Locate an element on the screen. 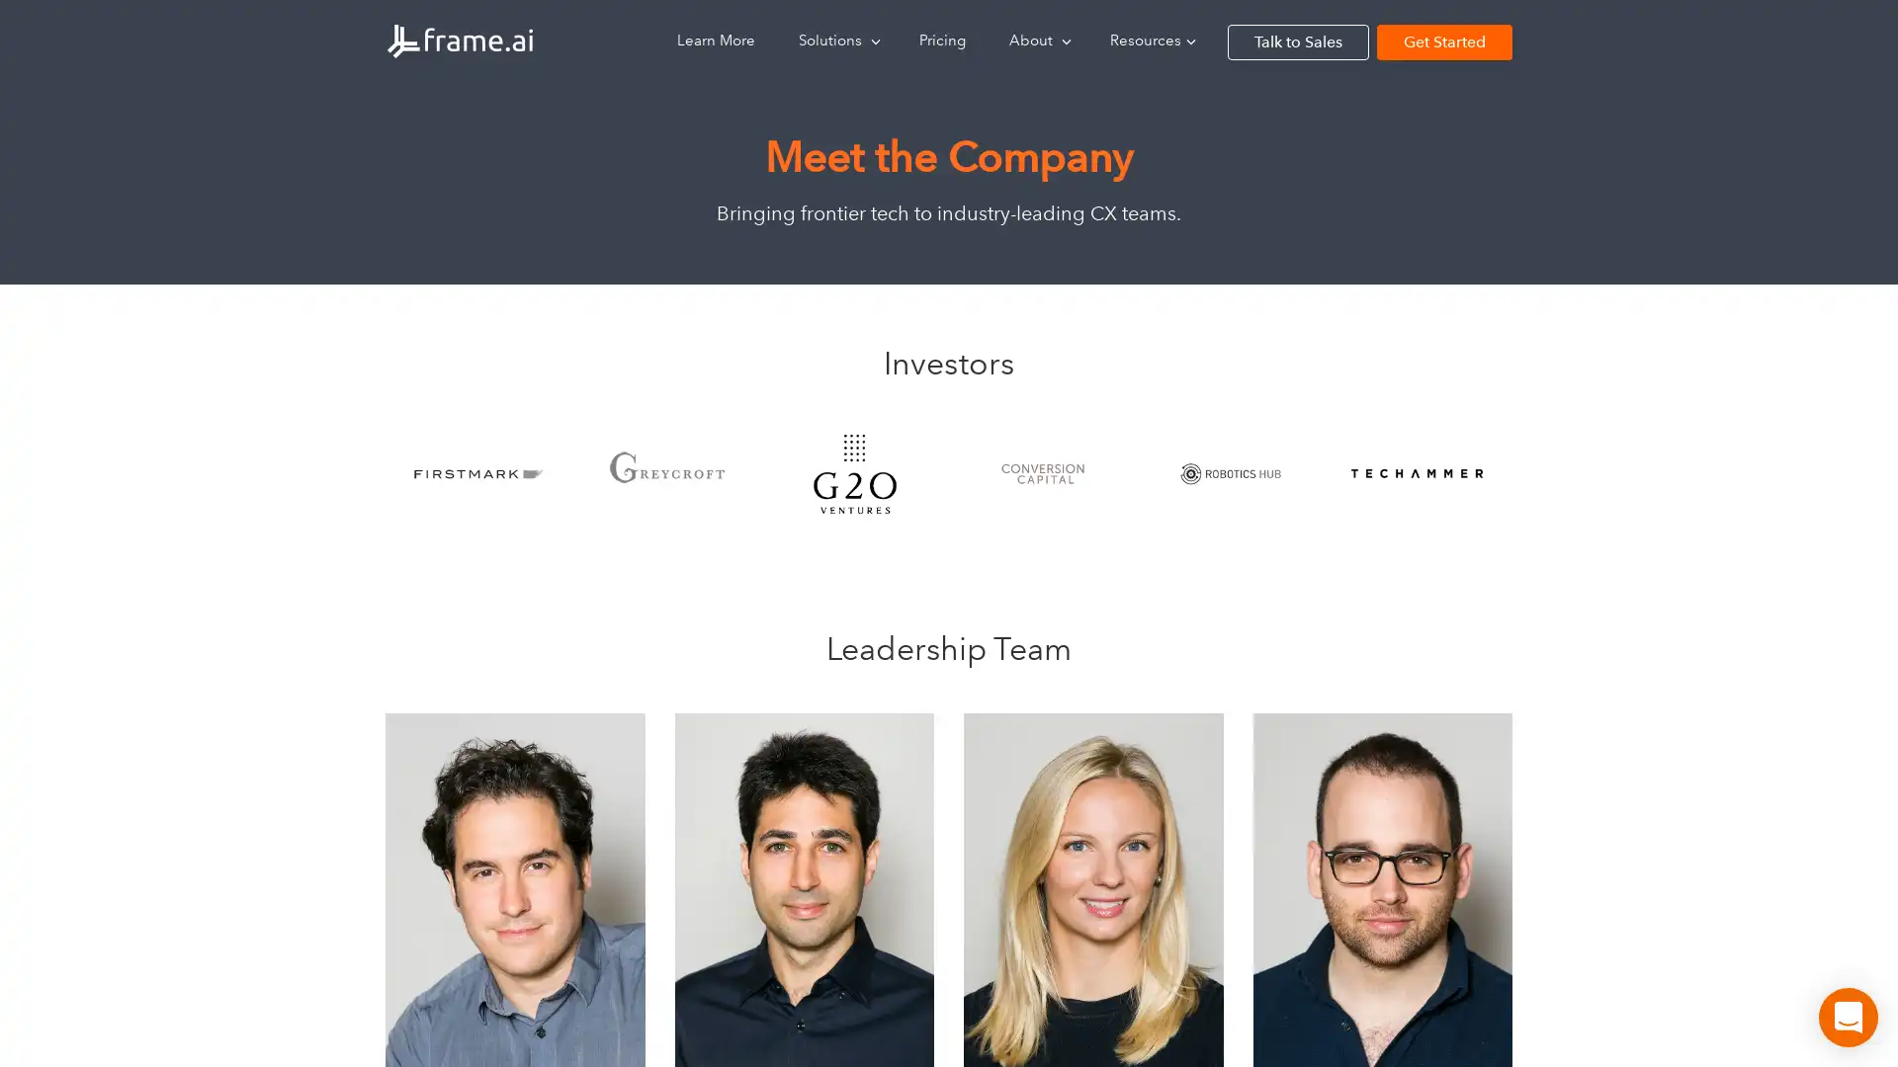  Open Intercom Messenger is located at coordinates (1848, 1017).